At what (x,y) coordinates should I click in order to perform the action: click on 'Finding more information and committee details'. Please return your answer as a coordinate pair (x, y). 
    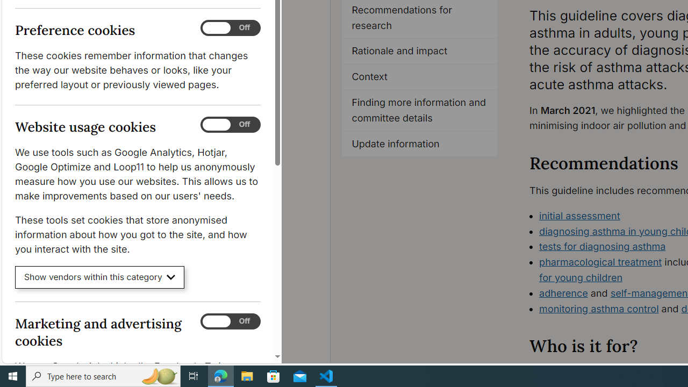
    Looking at the image, I should click on (419, 110).